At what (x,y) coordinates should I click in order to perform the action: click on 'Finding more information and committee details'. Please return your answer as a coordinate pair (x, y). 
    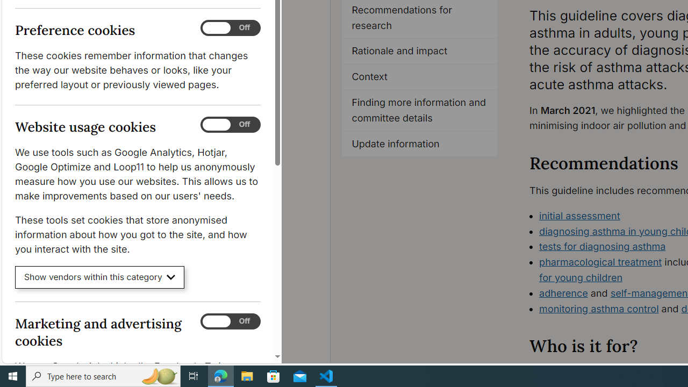
    Looking at the image, I should click on (419, 110).